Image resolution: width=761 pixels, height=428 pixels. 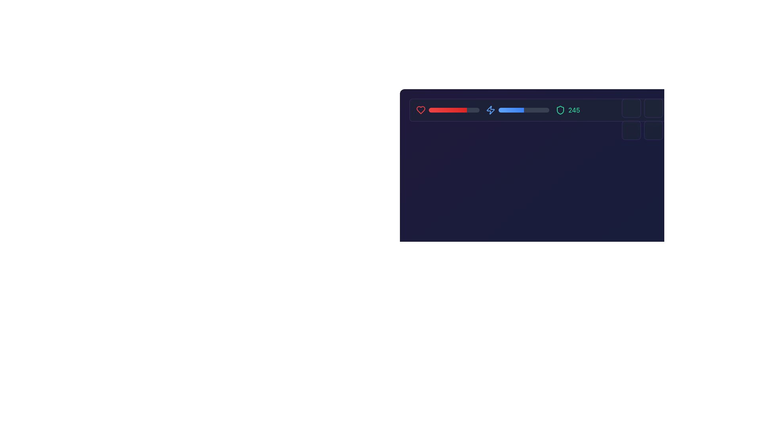 I want to click on the health bar value, so click(x=476, y=110).